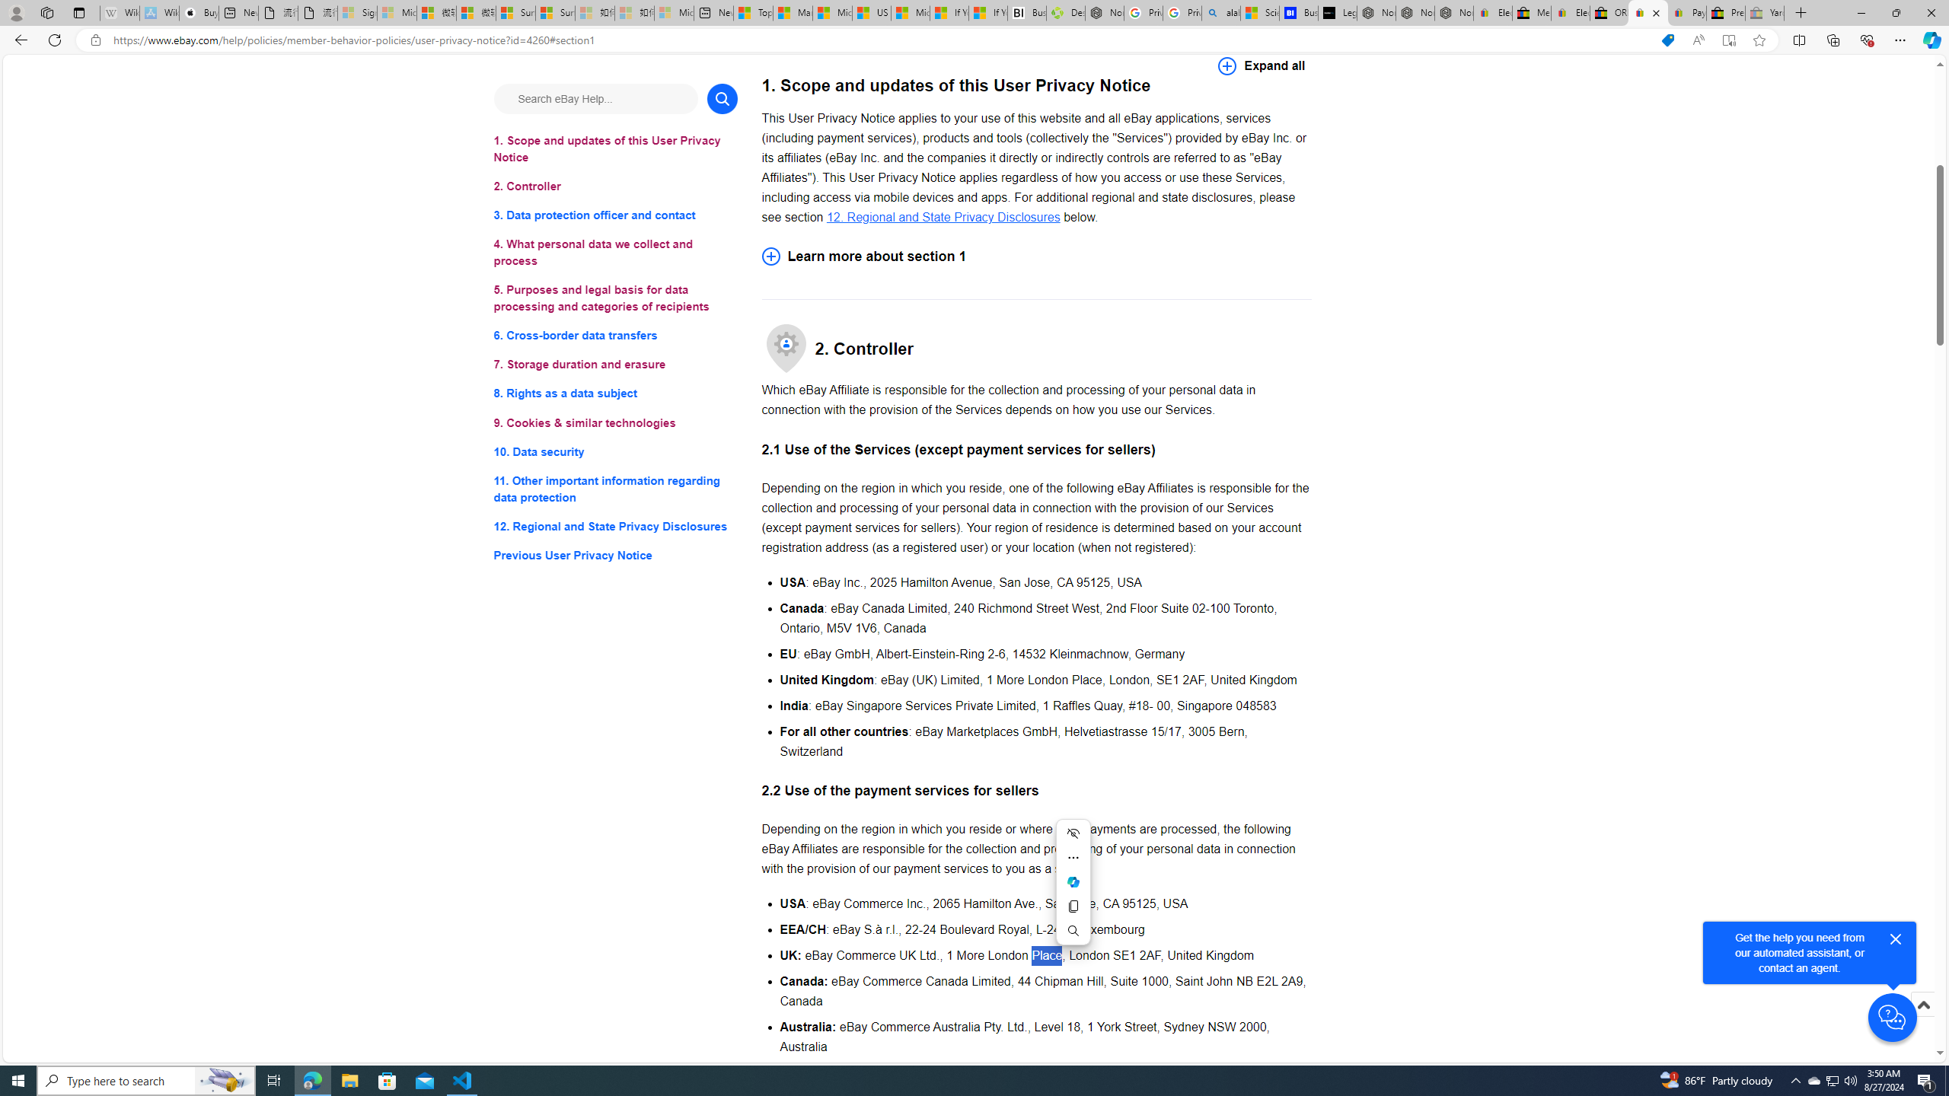 This screenshot has height=1096, width=1949. What do you see at coordinates (614, 253) in the screenshot?
I see `'4. What personal data we collect and process'` at bounding box center [614, 253].